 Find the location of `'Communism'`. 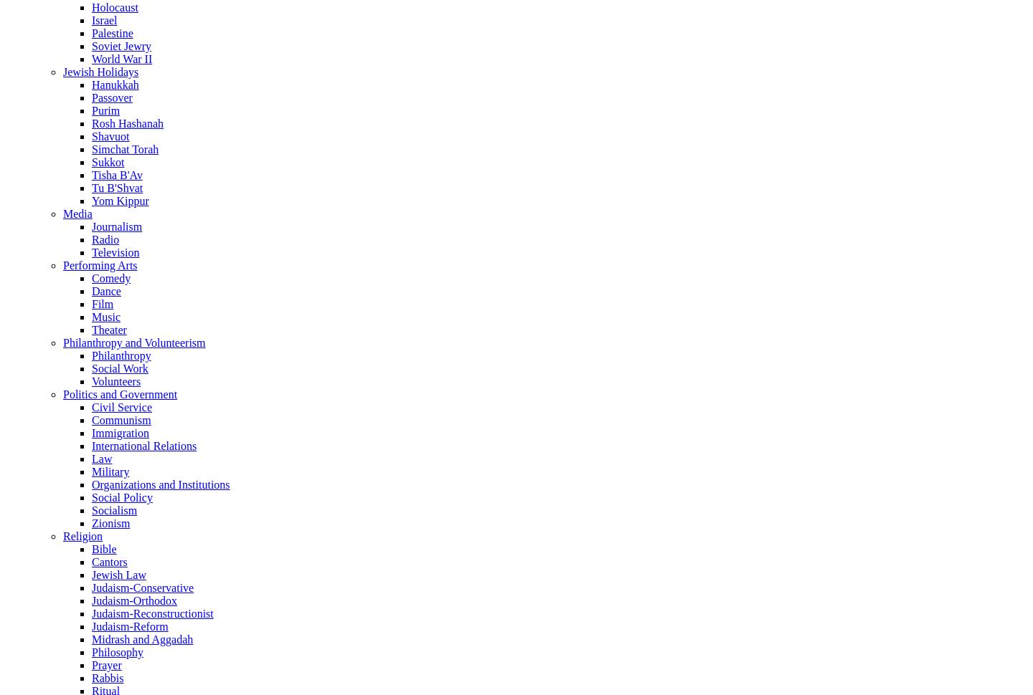

'Communism' is located at coordinates (121, 419).